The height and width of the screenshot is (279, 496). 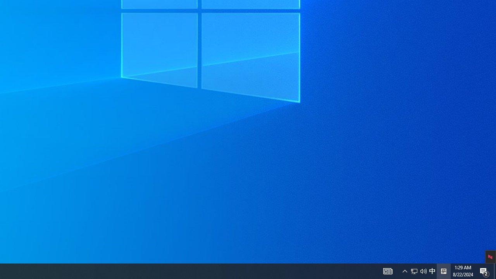 What do you see at coordinates (494, 270) in the screenshot?
I see `'Action Center, 2 new notifications'` at bounding box center [494, 270].